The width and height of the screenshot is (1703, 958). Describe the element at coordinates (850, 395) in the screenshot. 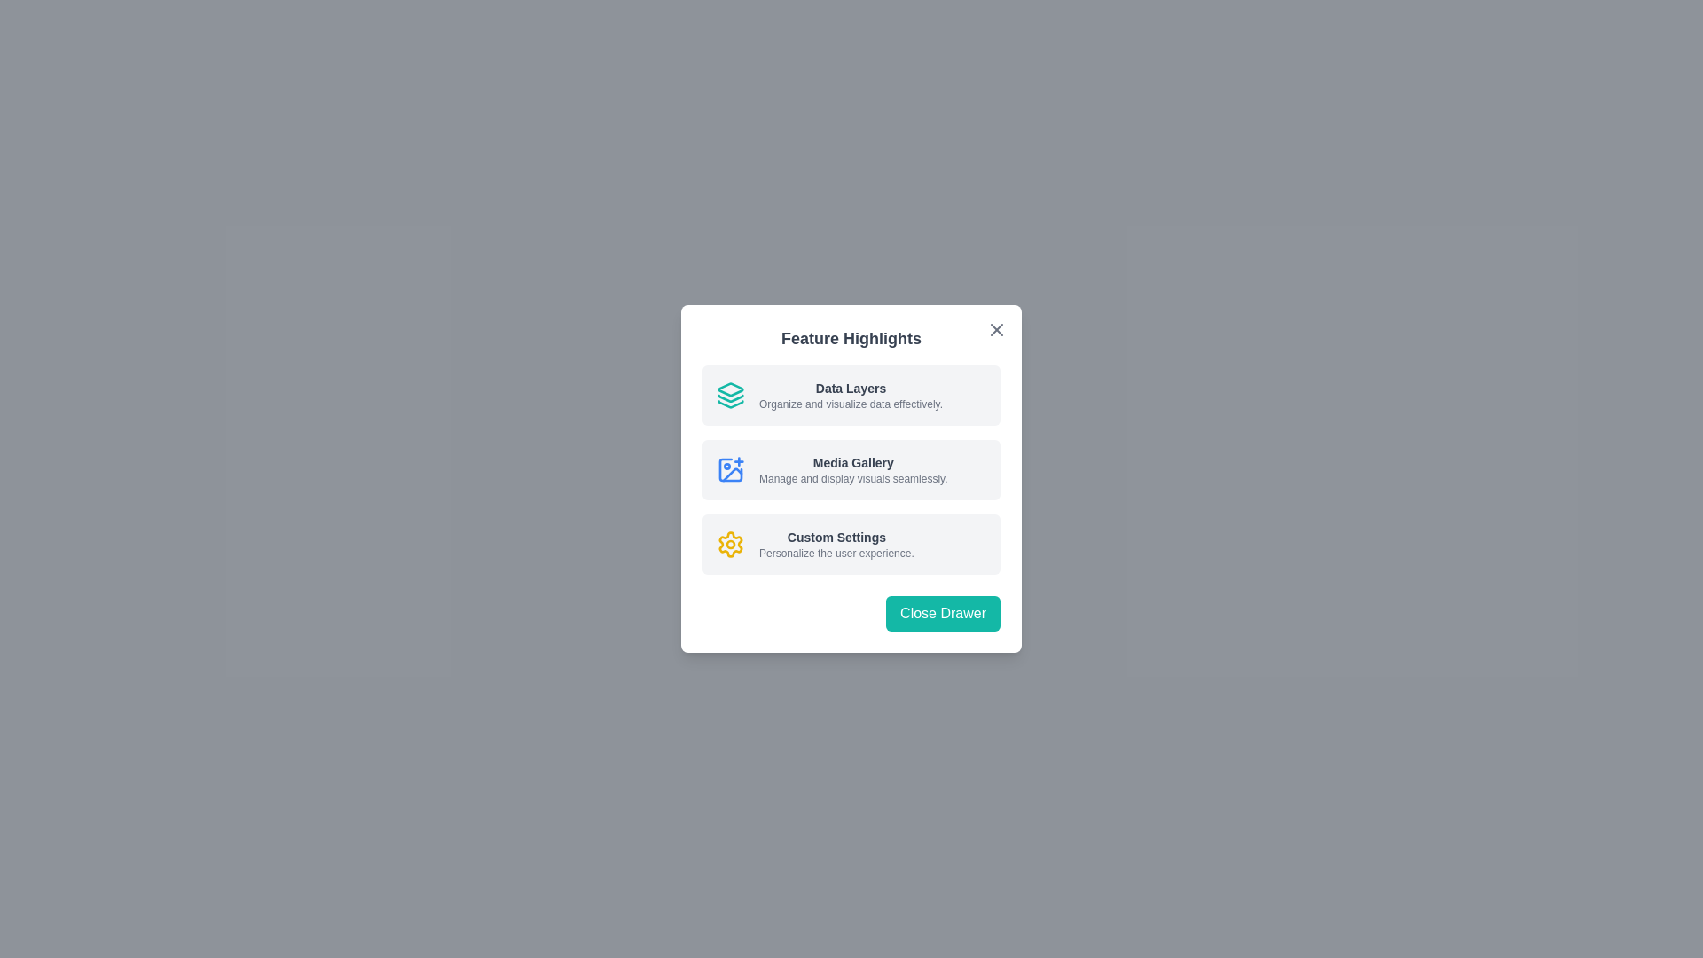

I see `informational text block titled 'Data Layers' that describes how to organize and visualize data effectively, located in the upper part of the modal dialog` at that location.